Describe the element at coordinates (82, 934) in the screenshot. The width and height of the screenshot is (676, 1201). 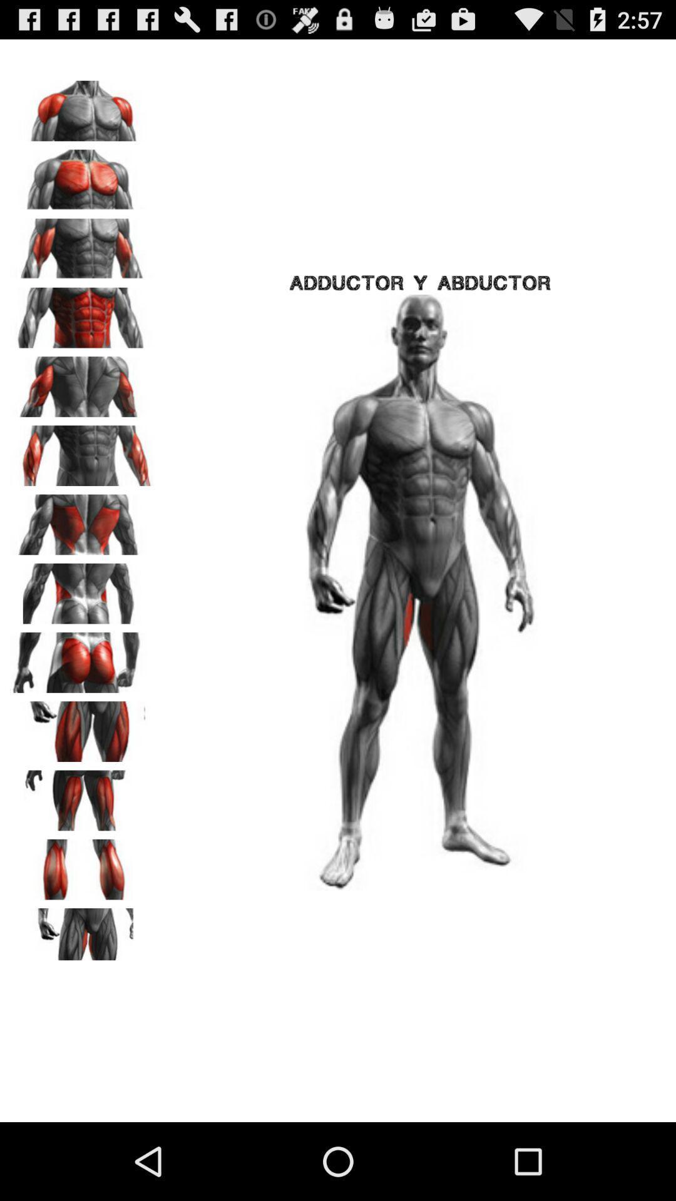
I see `gym bodybuilding` at that location.